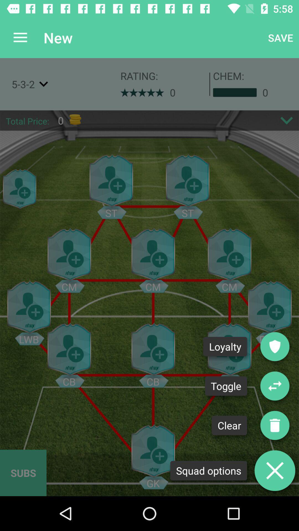 The height and width of the screenshot is (531, 299). Describe the element at coordinates (275, 470) in the screenshot. I see `menu` at that location.